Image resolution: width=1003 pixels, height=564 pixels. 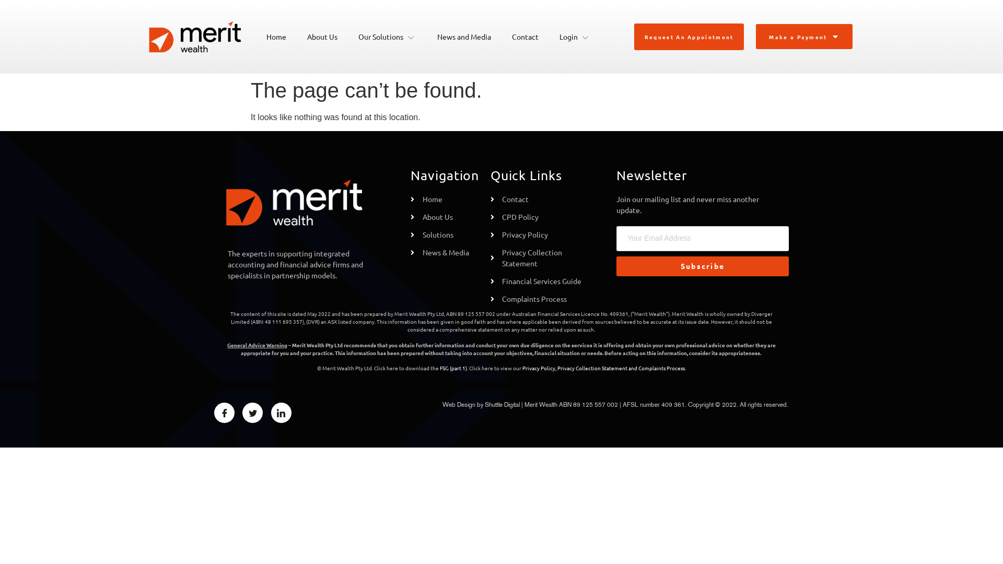 What do you see at coordinates (463, 36) in the screenshot?
I see `'News and Media'` at bounding box center [463, 36].